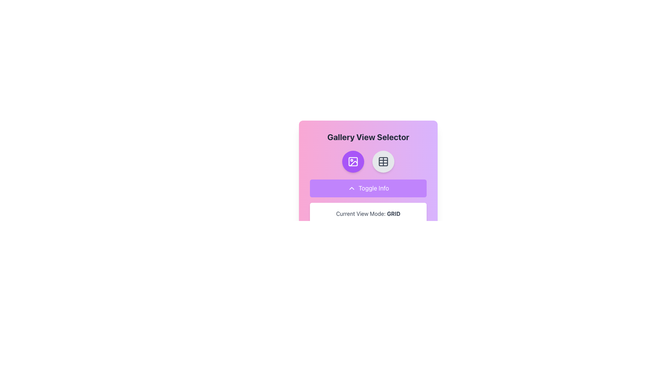  I want to click on the 'Toggle Info' button, which has a bright purple background and white text, located below the circular image and above the 'Current View Mode: GRID' text, so click(368, 188).